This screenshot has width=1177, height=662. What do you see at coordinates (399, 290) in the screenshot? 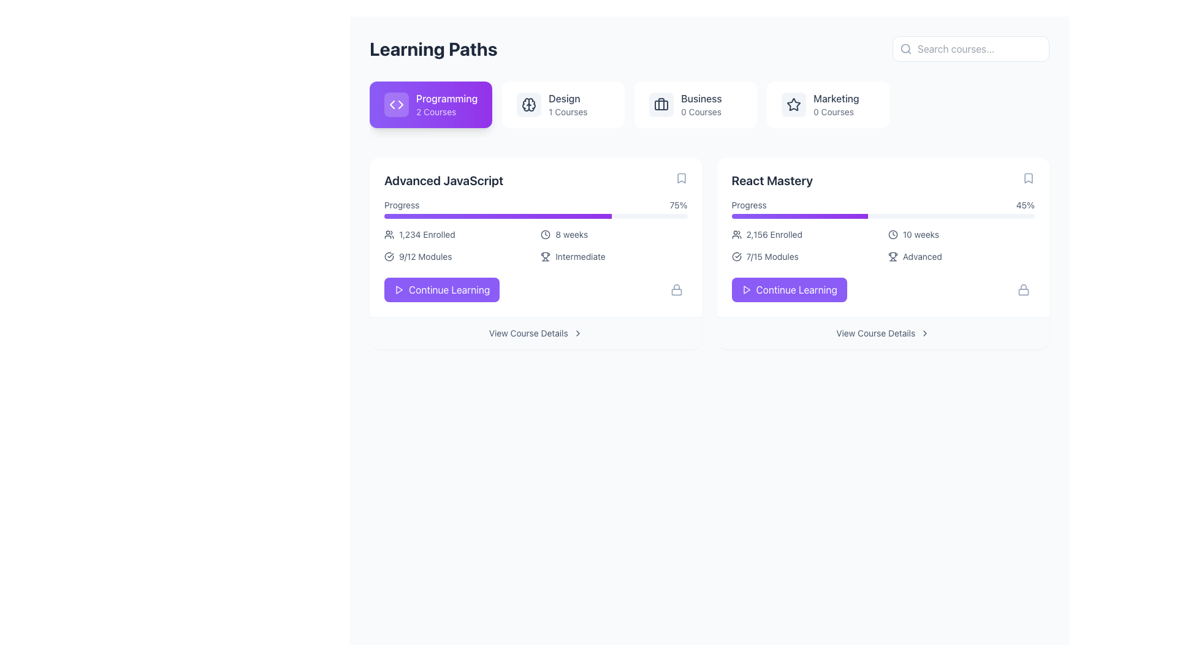
I see `the Play icon (SVG) located in the 'Continue Learning' button of the 'Advanced JavaScript' card` at bounding box center [399, 290].